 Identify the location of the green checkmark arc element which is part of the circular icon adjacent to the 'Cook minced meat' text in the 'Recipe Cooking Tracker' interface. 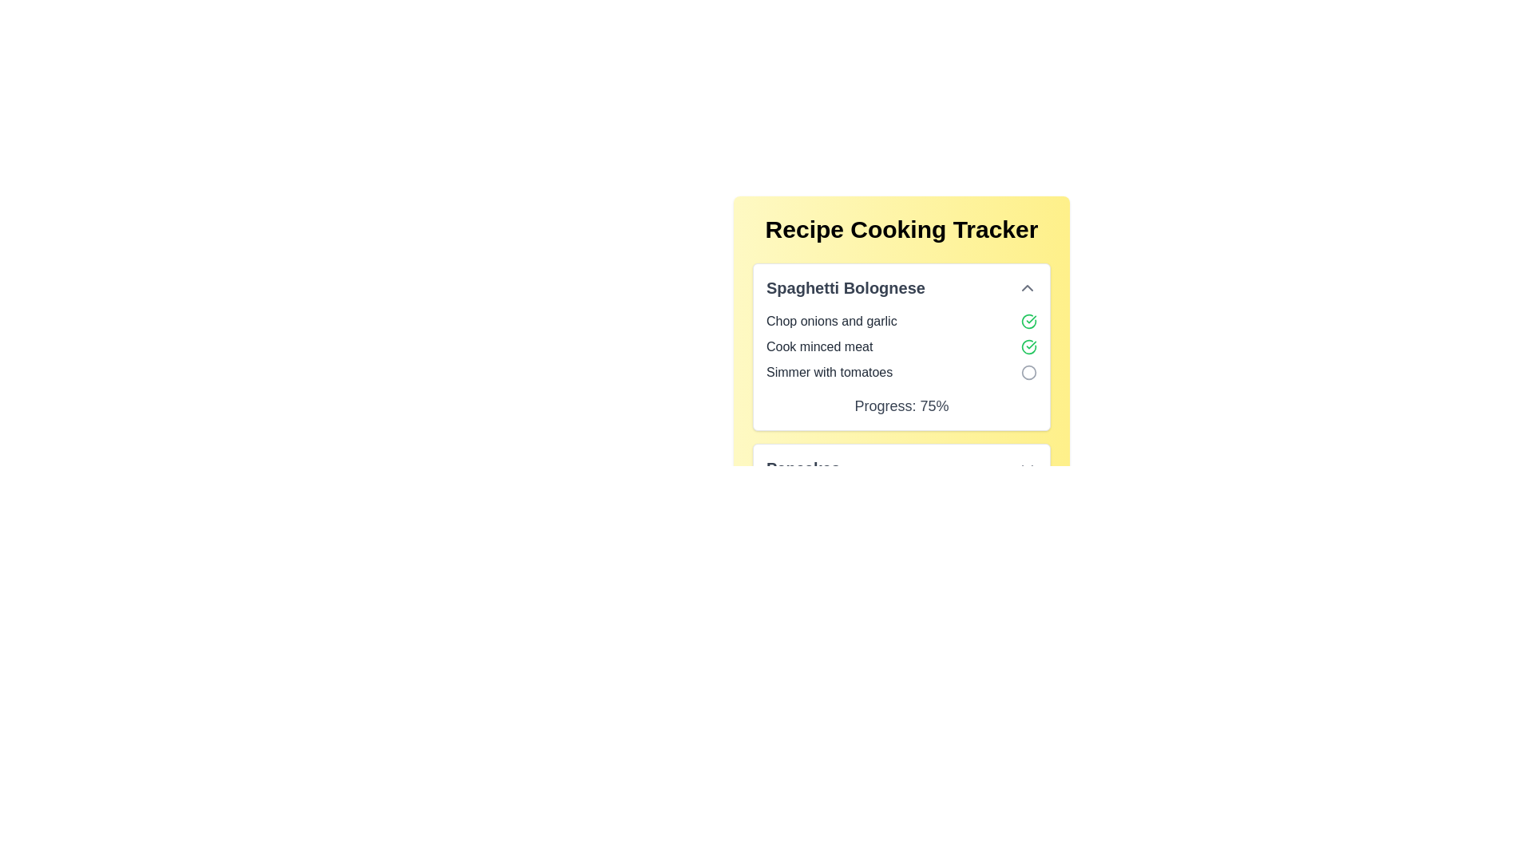
(1029, 321).